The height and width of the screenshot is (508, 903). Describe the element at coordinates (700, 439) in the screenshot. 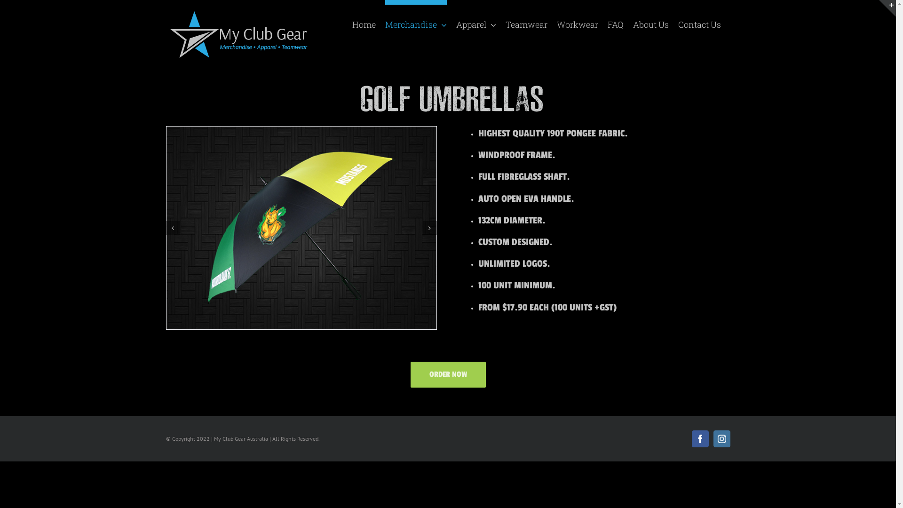

I see `'Facebook'` at that location.